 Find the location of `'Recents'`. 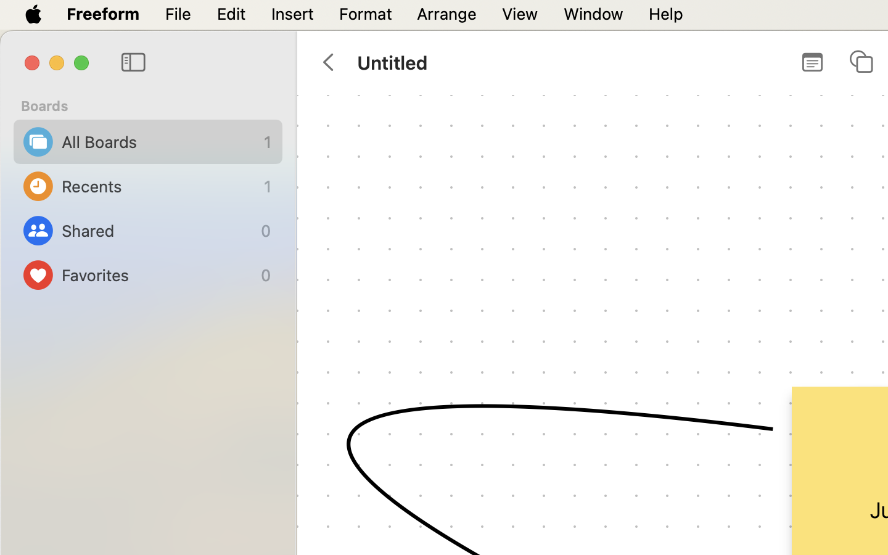

'Recents' is located at coordinates (159, 186).